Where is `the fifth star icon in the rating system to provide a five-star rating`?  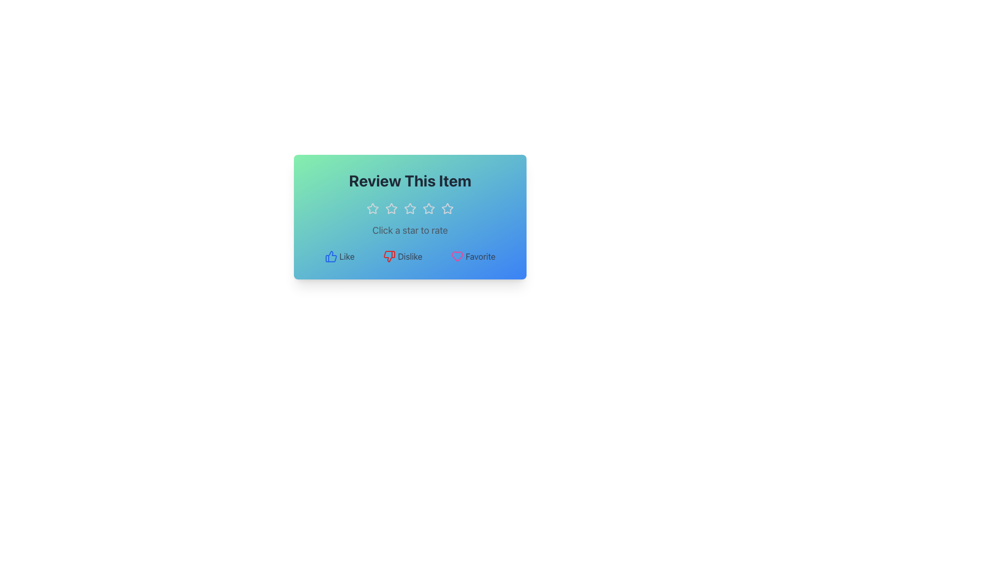
the fifth star icon in the rating system to provide a five-star rating is located at coordinates (448, 208).